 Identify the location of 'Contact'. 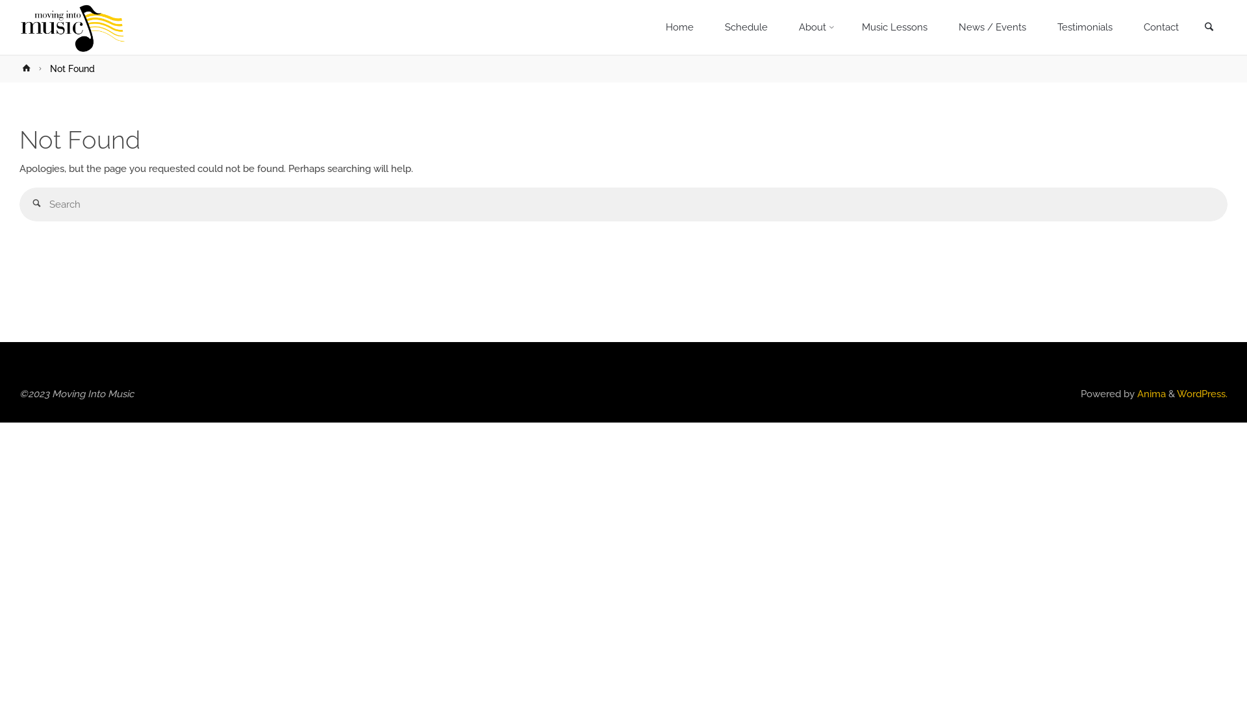
(1161, 27).